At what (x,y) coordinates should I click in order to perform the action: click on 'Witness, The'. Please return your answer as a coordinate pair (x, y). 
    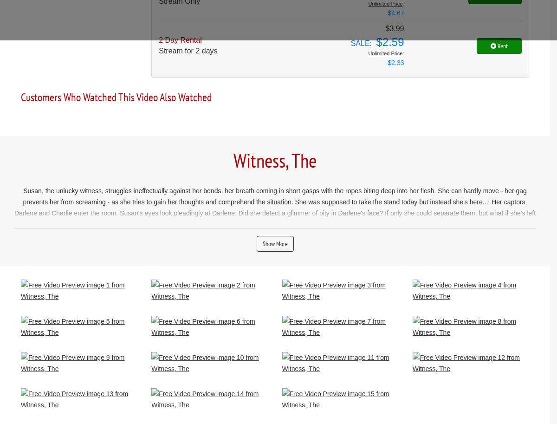
    Looking at the image, I should click on (274, 160).